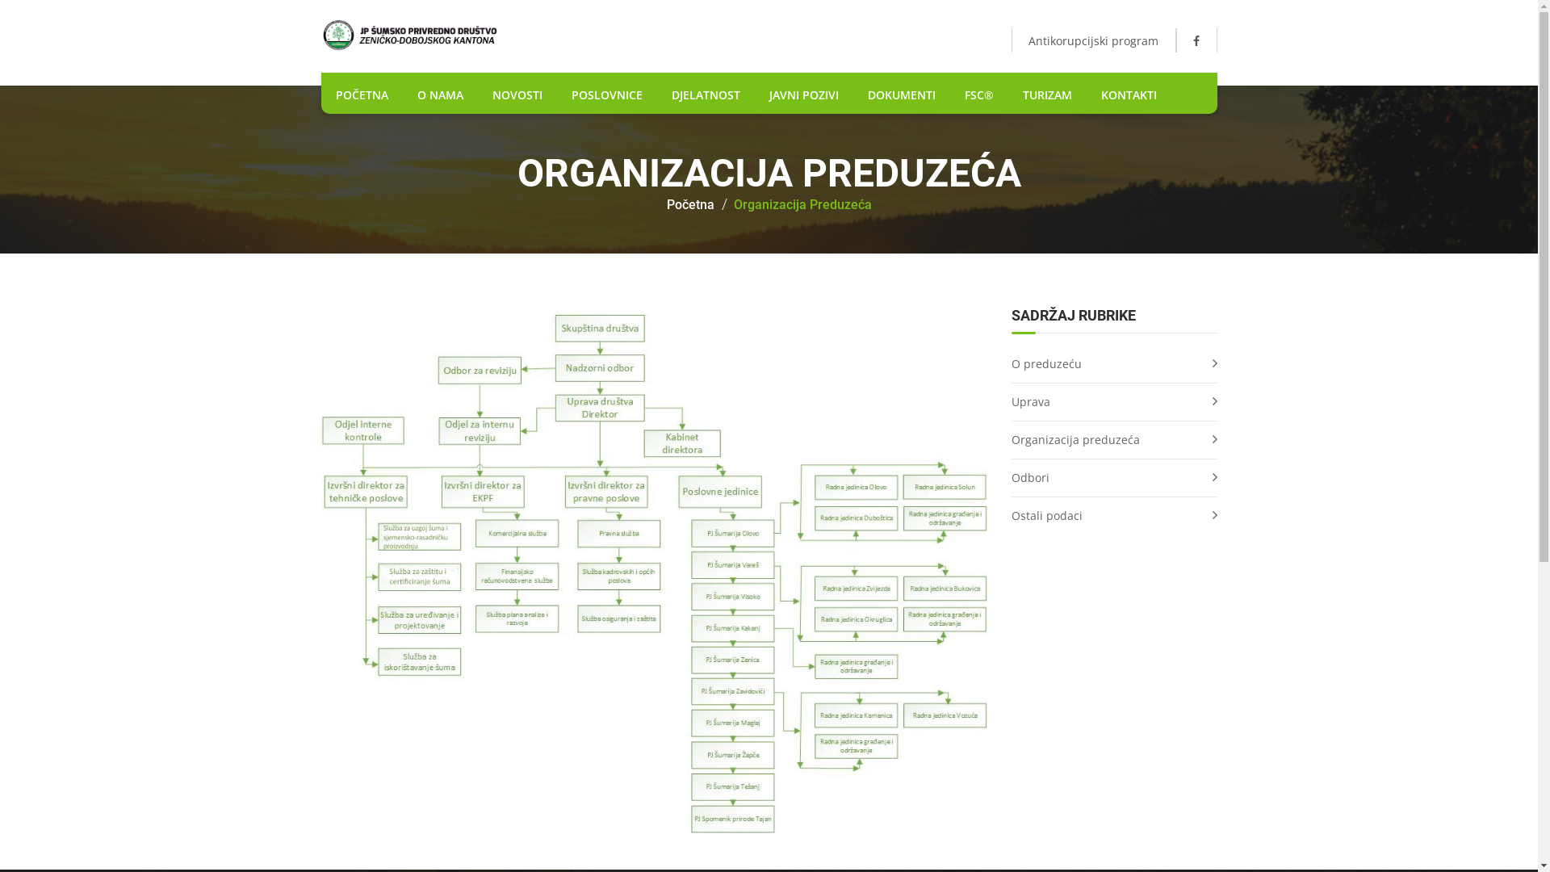 The width and height of the screenshot is (1550, 872). I want to click on 'Uprava', so click(1112, 400).